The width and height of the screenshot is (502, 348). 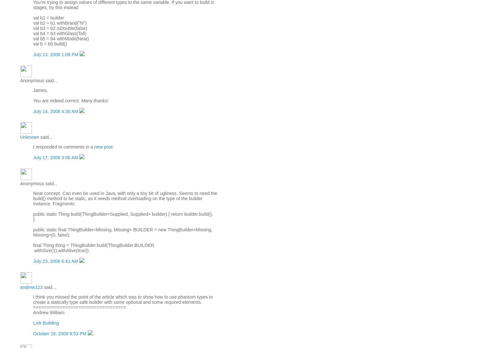 I want to click on 'You are indeed correct. Many thanks!', so click(x=71, y=100).